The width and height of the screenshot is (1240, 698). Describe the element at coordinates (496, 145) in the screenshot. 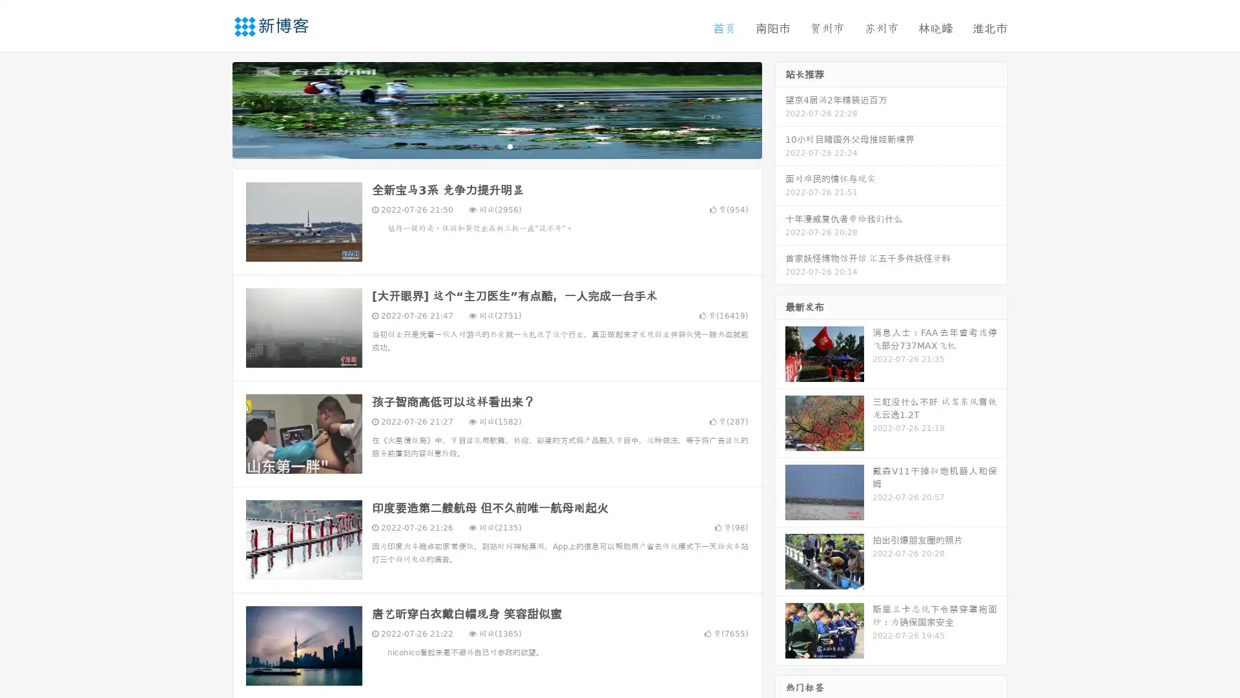

I see `Go to slide 2` at that location.